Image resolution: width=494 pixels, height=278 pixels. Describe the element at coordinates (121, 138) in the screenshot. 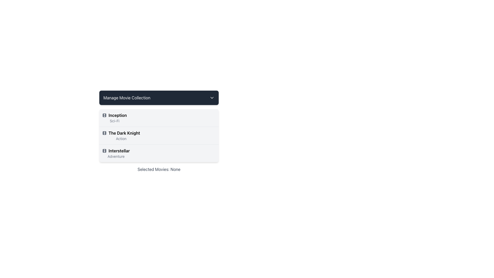

I see `the genre label for the movie 'The Dark Knight', which is positioned directly below its title` at that location.